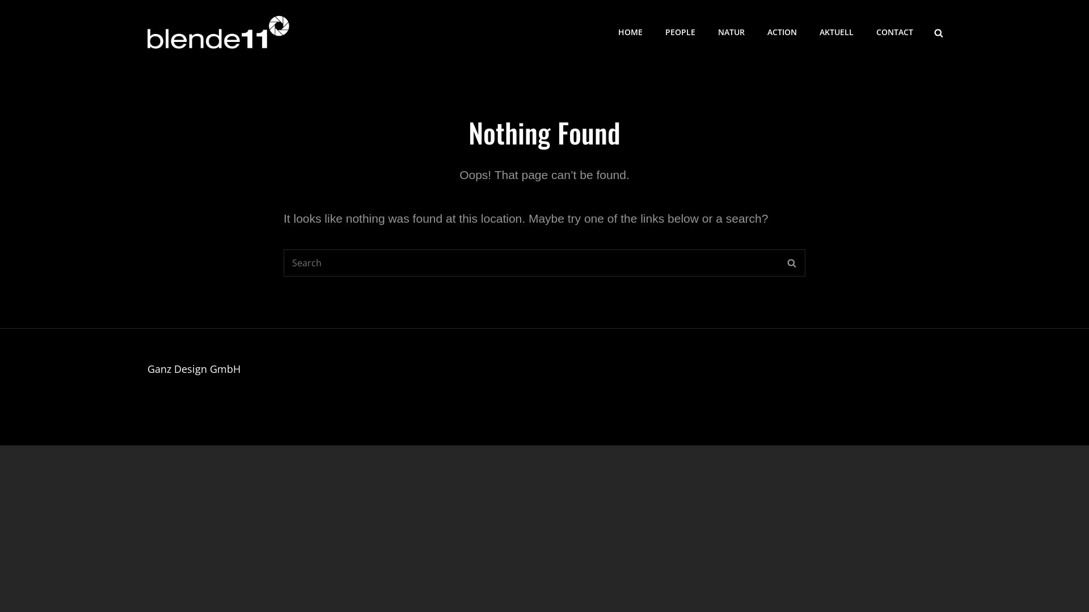 The width and height of the screenshot is (1089, 612). I want to click on 'NATUR', so click(731, 32).